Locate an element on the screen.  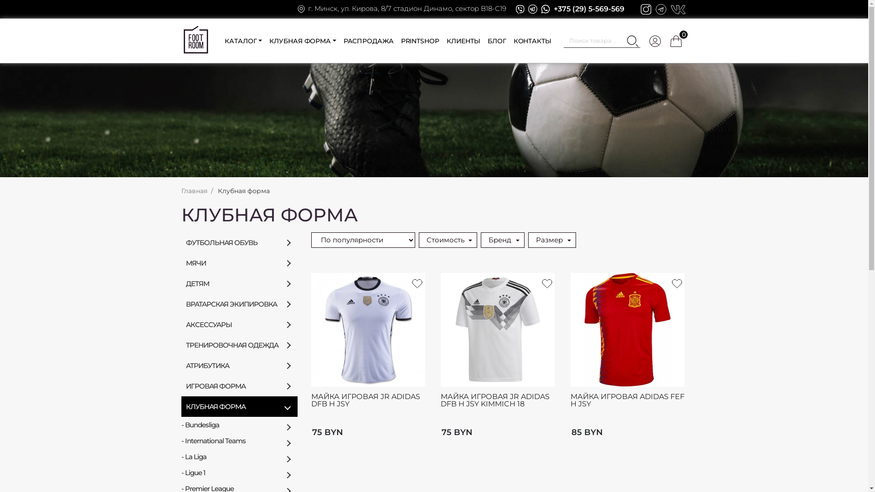
'- International Teams' is located at coordinates (239, 440).